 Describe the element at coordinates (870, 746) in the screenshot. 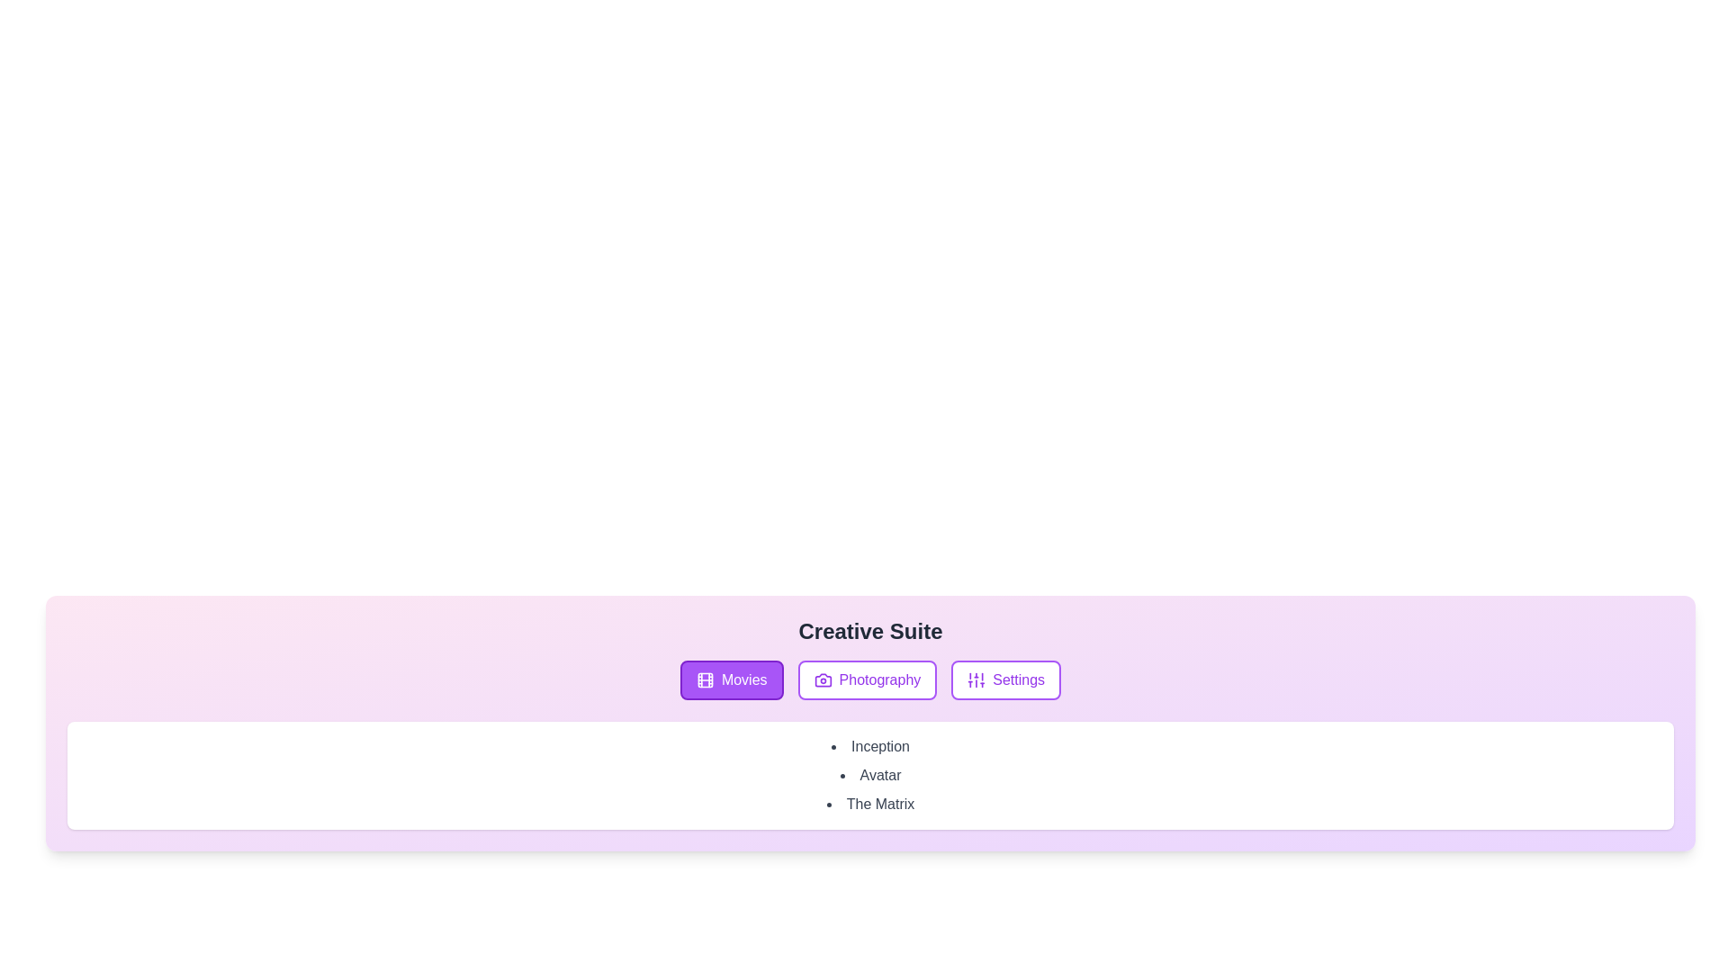

I see `static text label displaying 'Inception' which is the first item in a vertical bulleted list` at that location.